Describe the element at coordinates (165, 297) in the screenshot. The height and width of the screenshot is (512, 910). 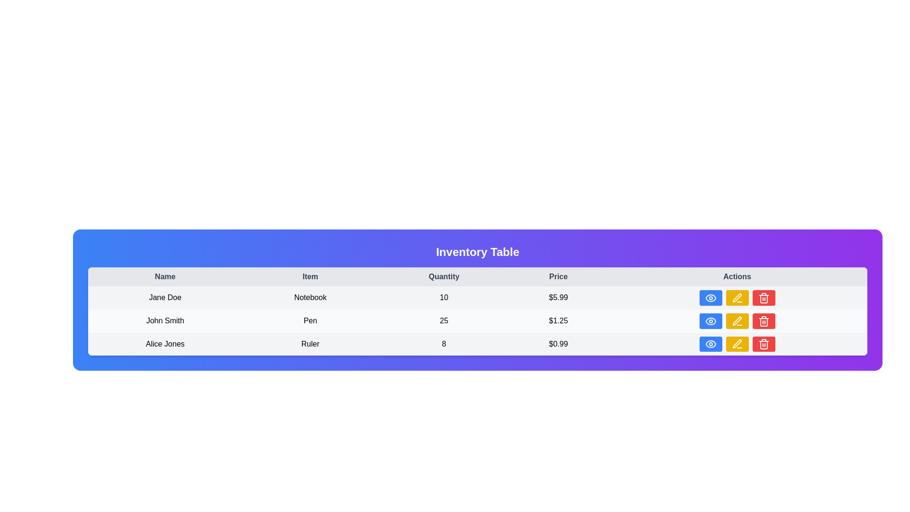
I see `the text label representing the name of an individual associated with an item in the inventory list, located in the first column of the second row under the 'Name' header` at that location.